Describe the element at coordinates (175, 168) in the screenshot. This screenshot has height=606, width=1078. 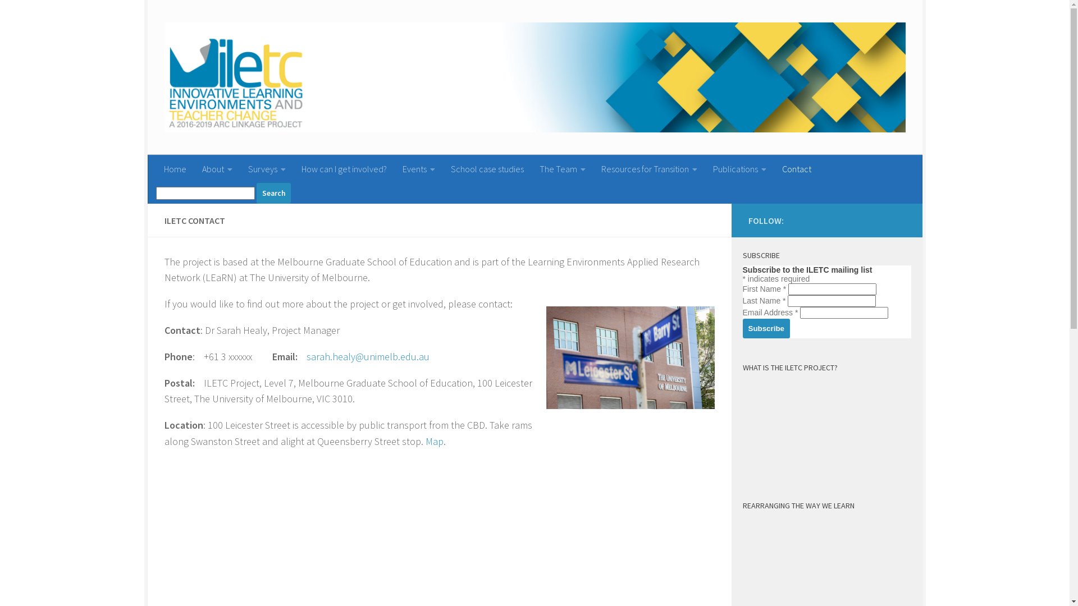
I see `'Home'` at that location.